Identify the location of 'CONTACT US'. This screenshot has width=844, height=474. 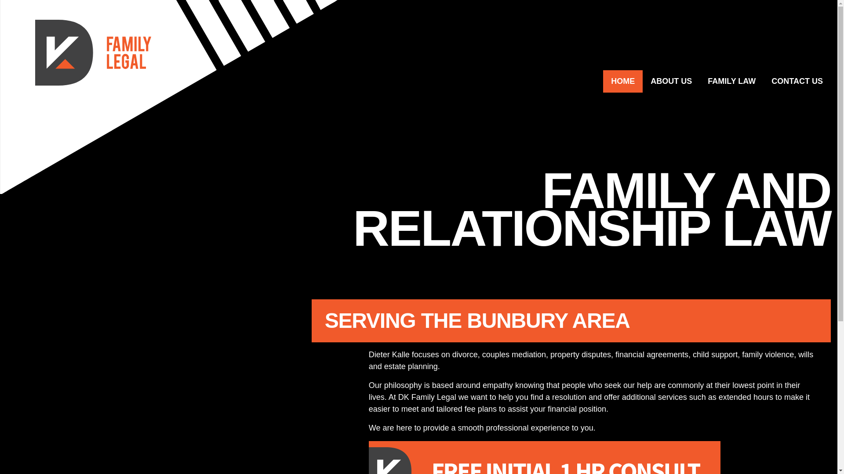
(763, 81).